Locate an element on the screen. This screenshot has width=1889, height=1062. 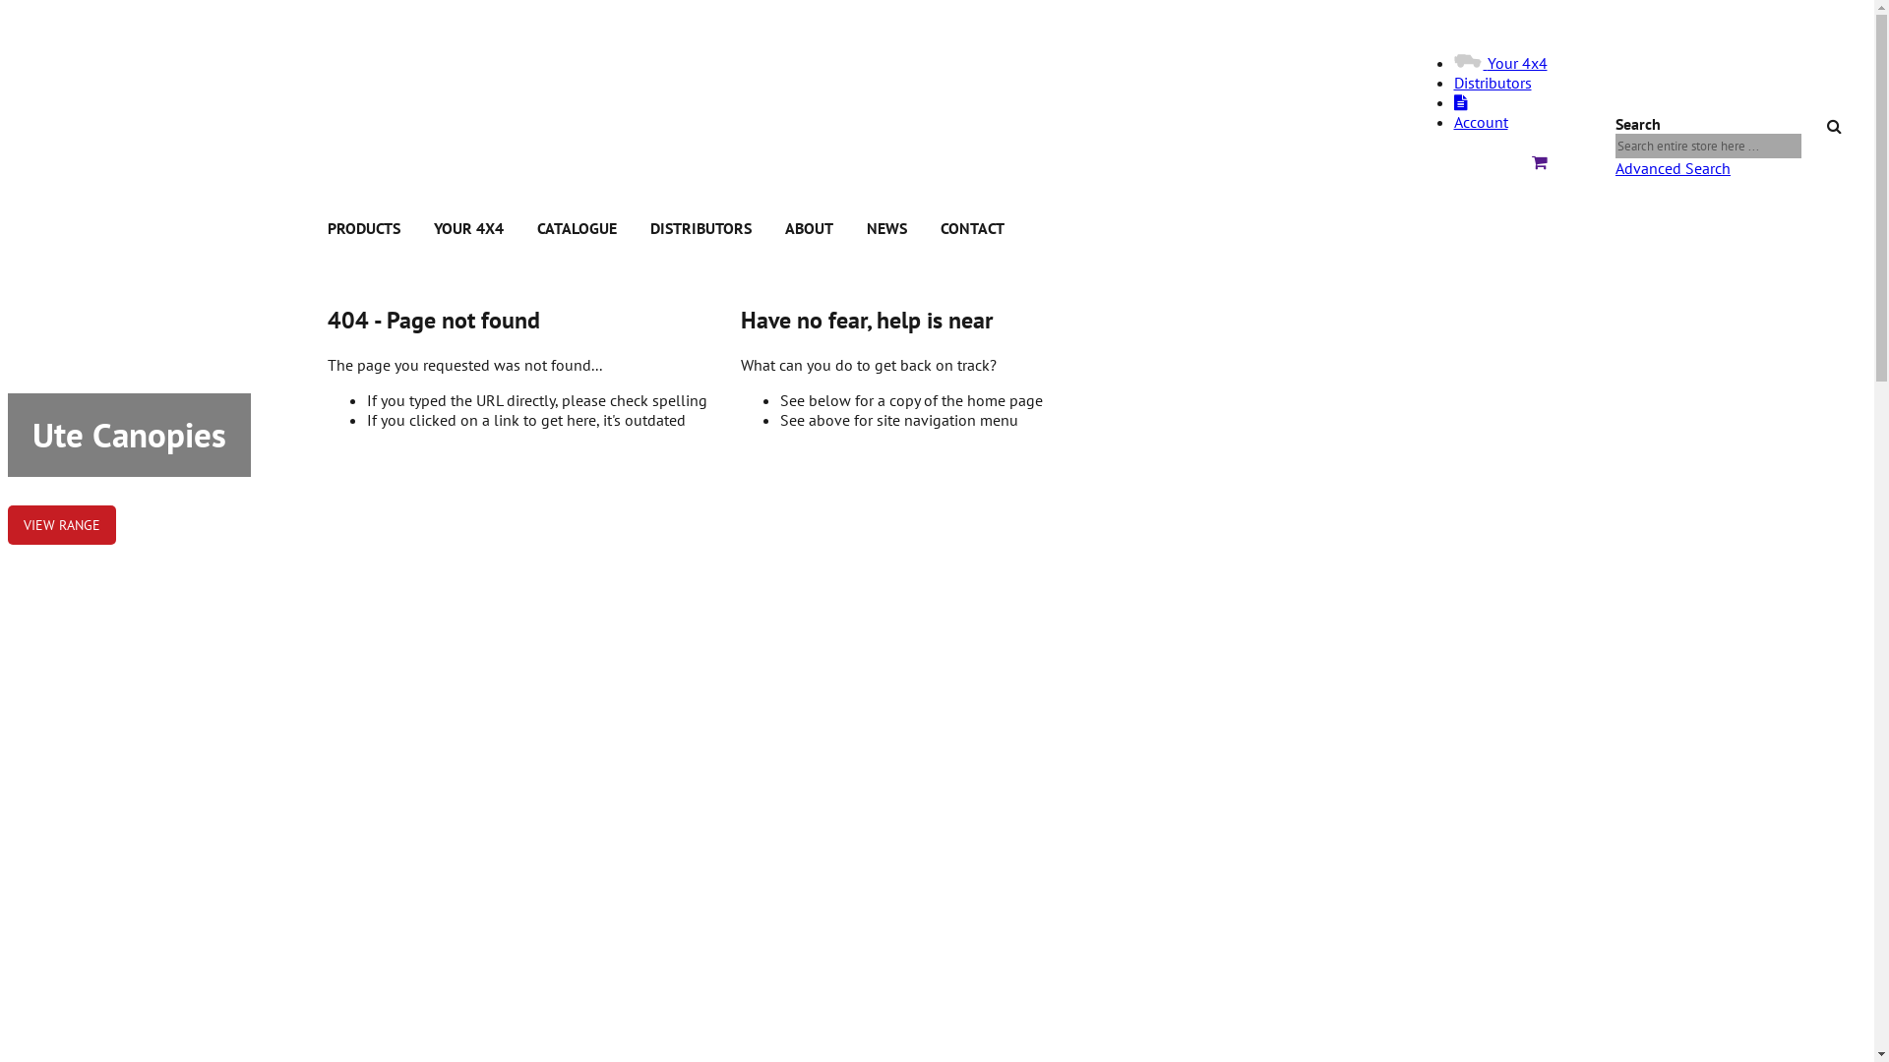
'ABOUT' is located at coordinates (783, 227).